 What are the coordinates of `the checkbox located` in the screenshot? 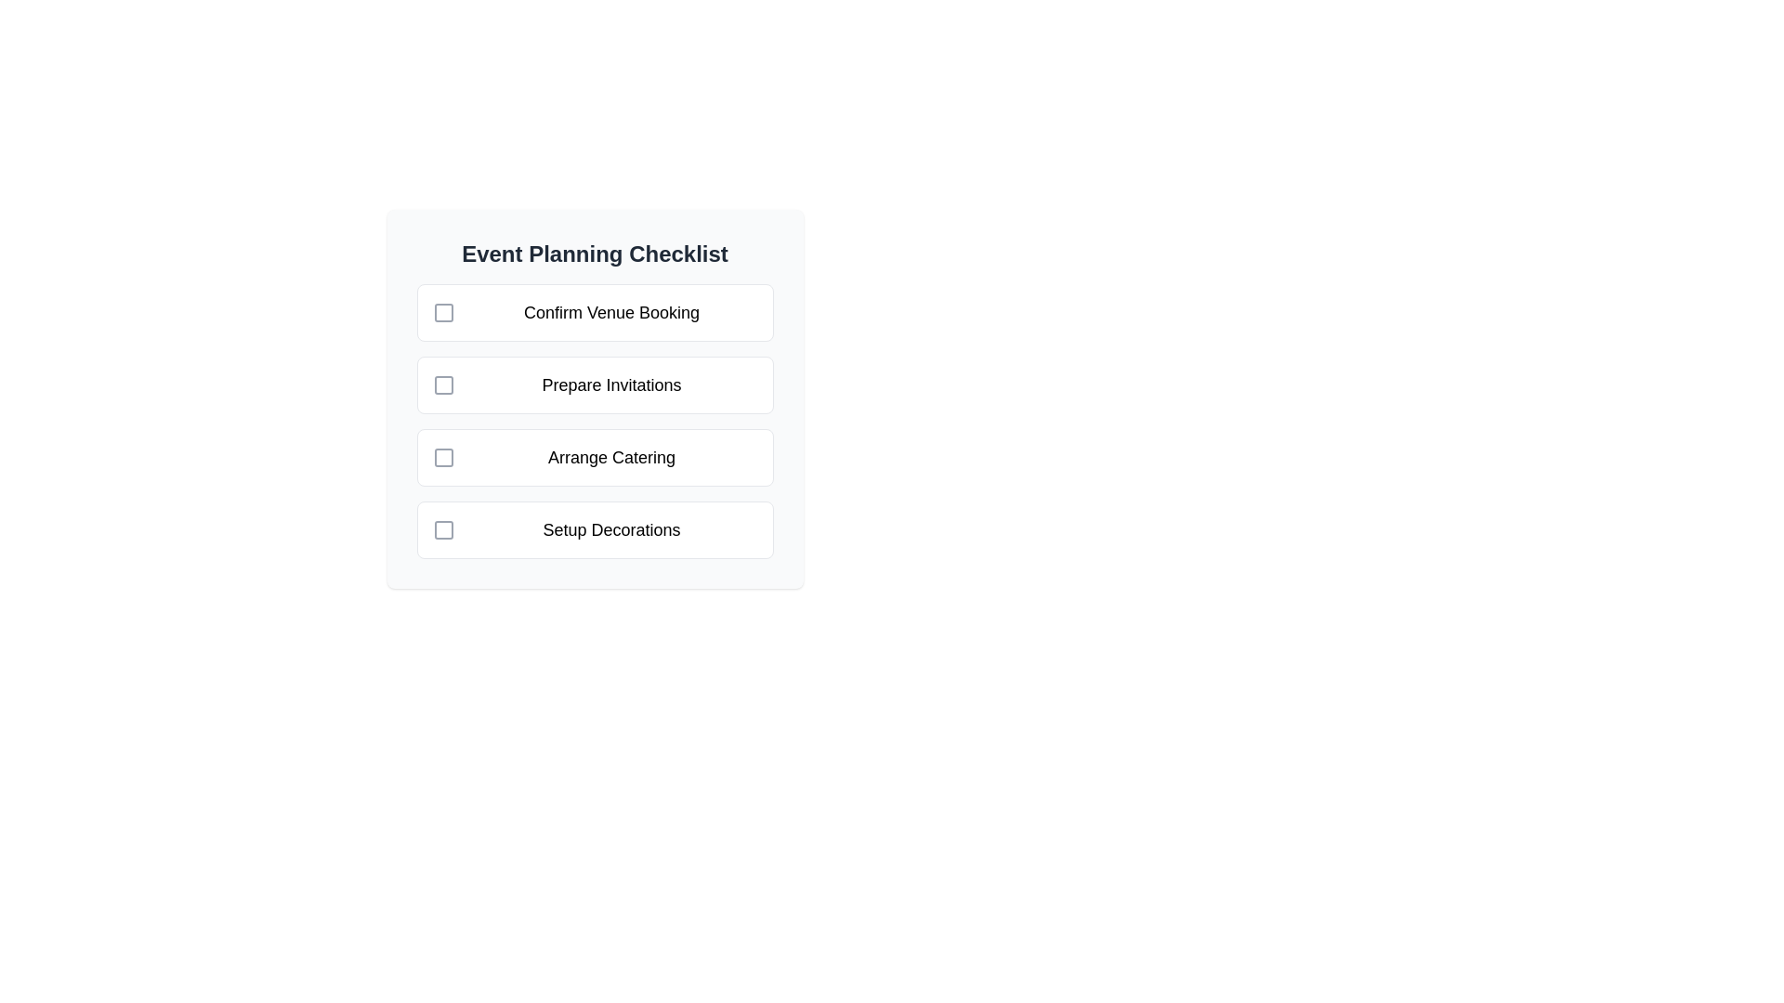 It's located at (442, 384).